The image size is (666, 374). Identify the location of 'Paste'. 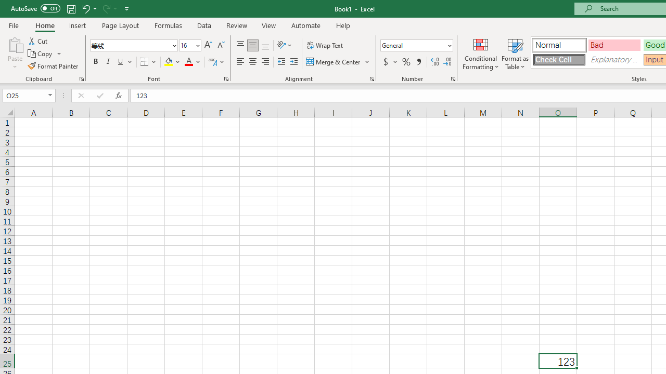
(15, 44).